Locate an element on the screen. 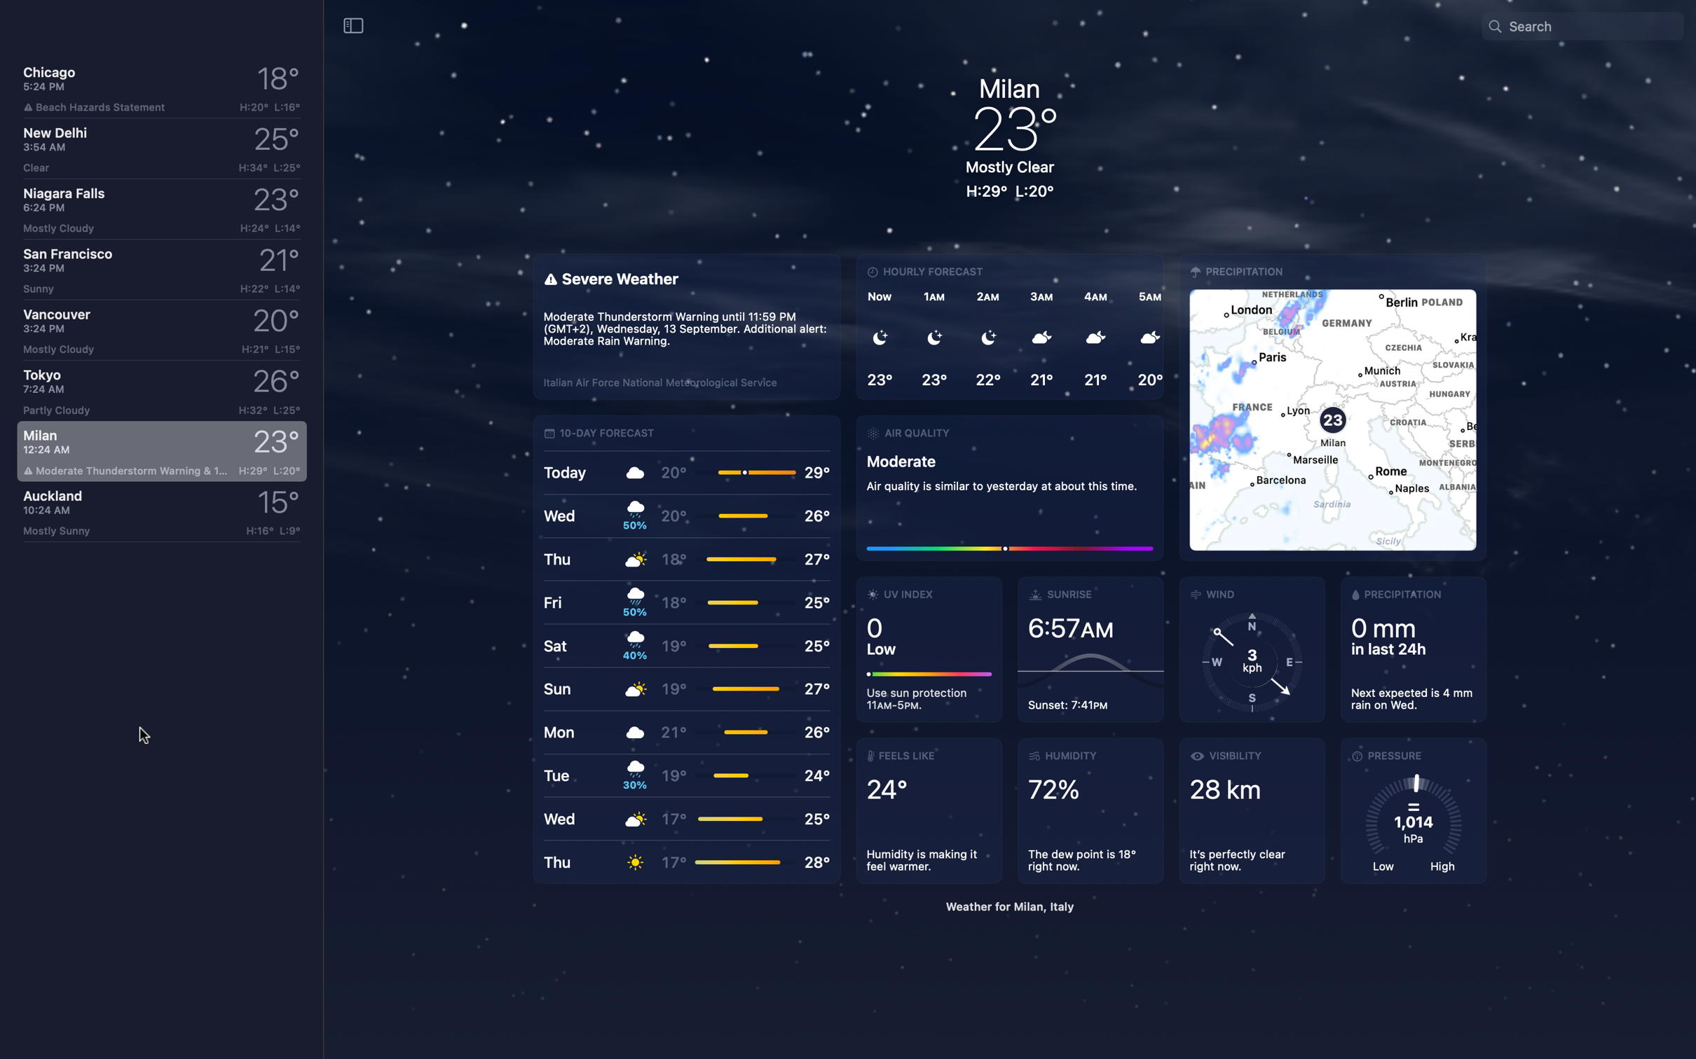 This screenshot has width=1696, height=1059. Conceal temperature data of other cities is located at coordinates (353, 25).